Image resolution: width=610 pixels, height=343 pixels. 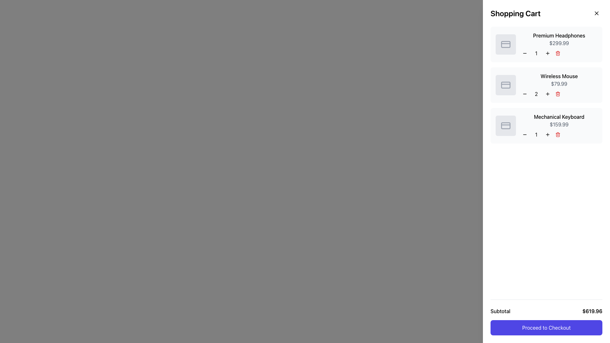 What do you see at coordinates (515, 13) in the screenshot?
I see `the text element that labels the shopping cart section, located in the top left corner of the shopping cart panel` at bounding box center [515, 13].